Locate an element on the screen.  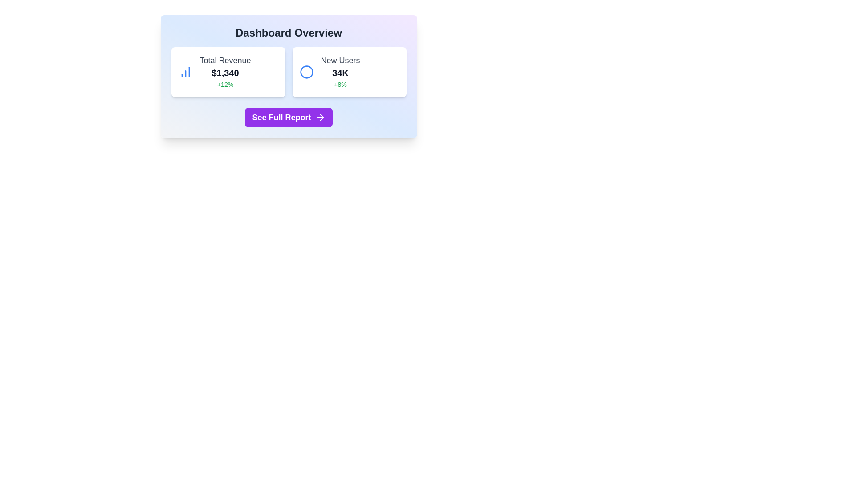
the static informational text element displaying the percentage increase indicator located at the bottom right of the 'New Users' section is located at coordinates (340, 84).